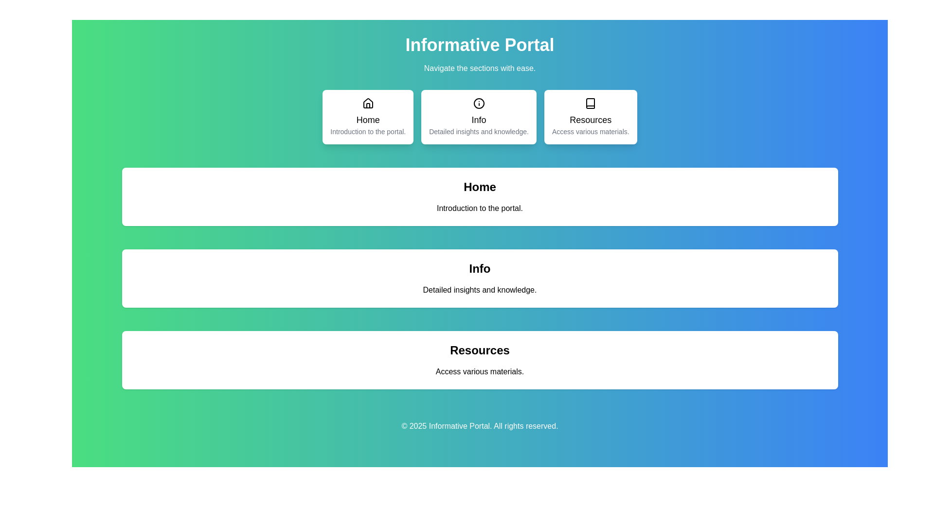  What do you see at coordinates (367, 103) in the screenshot?
I see `the 'Home' icon located at the top of the first card under the 'Informative Portal' header, which navigates to the homepage of the portal` at bounding box center [367, 103].